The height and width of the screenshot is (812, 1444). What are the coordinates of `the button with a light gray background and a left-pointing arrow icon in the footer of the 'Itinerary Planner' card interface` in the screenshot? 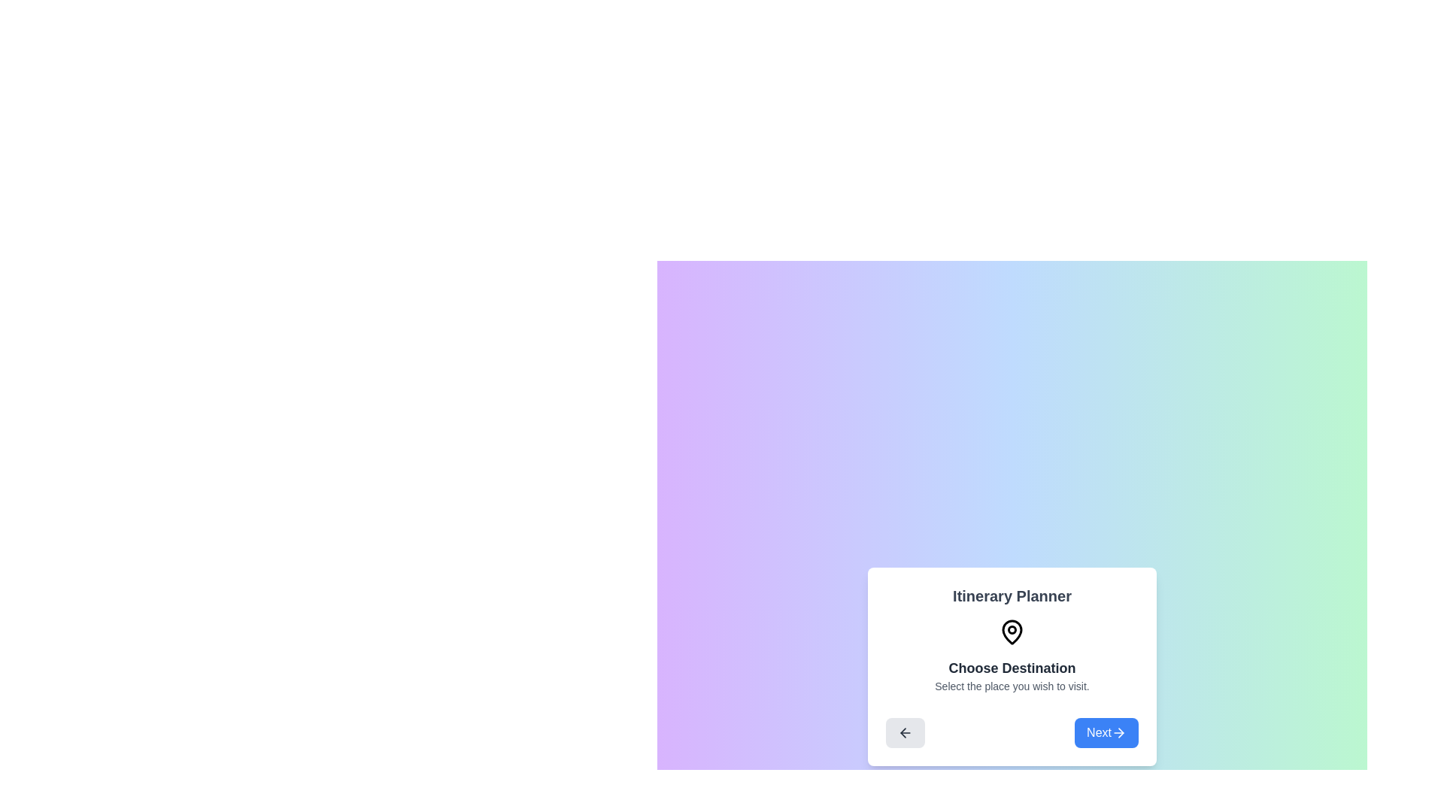 It's located at (905, 732).